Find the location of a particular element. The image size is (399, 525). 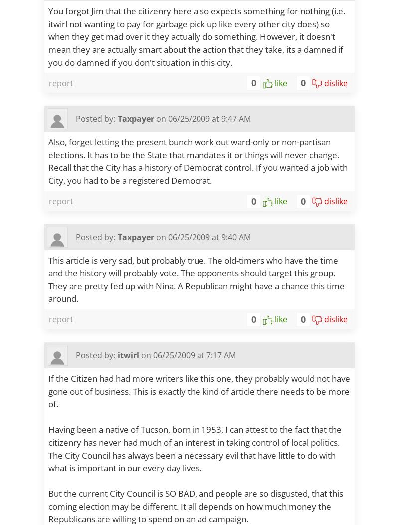

'itwirl' is located at coordinates (128, 354).